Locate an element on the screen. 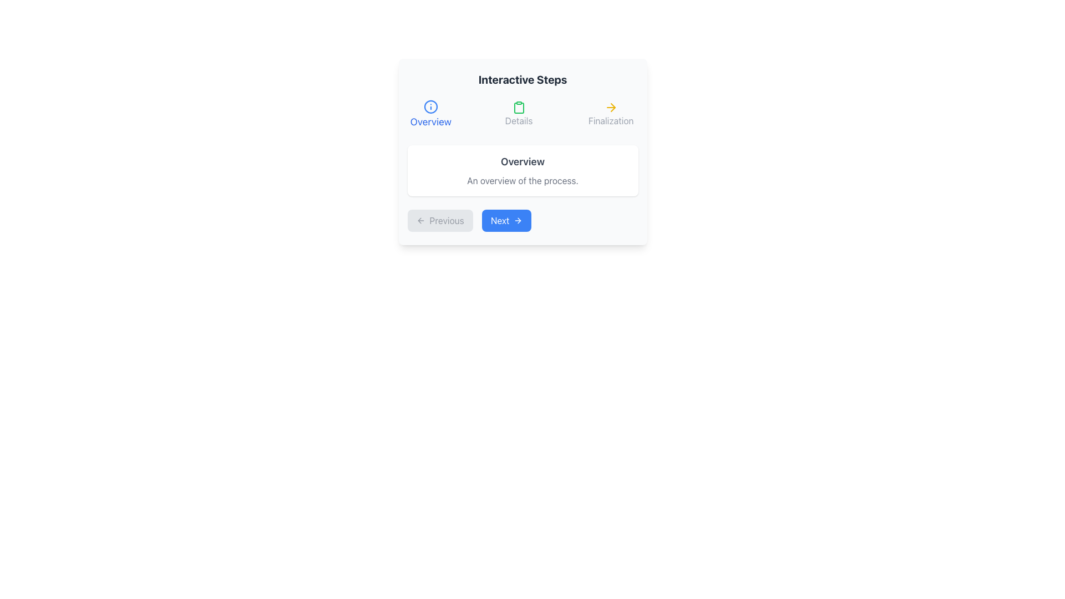 Image resolution: width=1065 pixels, height=599 pixels. the clipboard icon within the 'Details' section of the 'Interactive Steps' navigation bar, located between 'Overview' and 'Finalization' is located at coordinates (518, 107).